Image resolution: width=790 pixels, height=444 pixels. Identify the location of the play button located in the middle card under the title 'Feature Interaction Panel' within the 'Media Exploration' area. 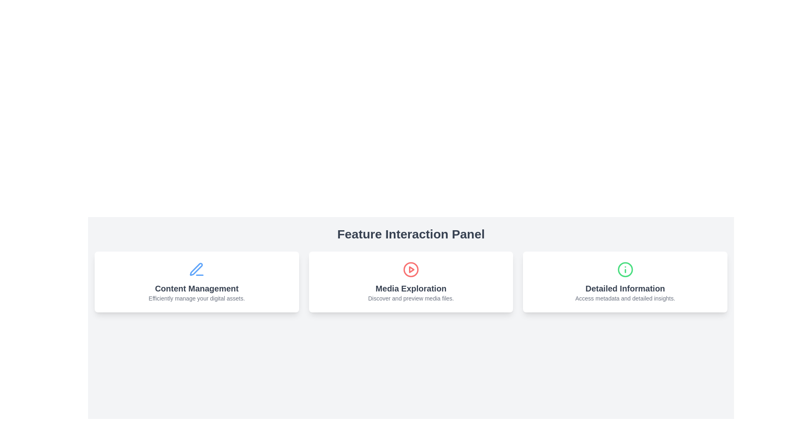
(411, 269).